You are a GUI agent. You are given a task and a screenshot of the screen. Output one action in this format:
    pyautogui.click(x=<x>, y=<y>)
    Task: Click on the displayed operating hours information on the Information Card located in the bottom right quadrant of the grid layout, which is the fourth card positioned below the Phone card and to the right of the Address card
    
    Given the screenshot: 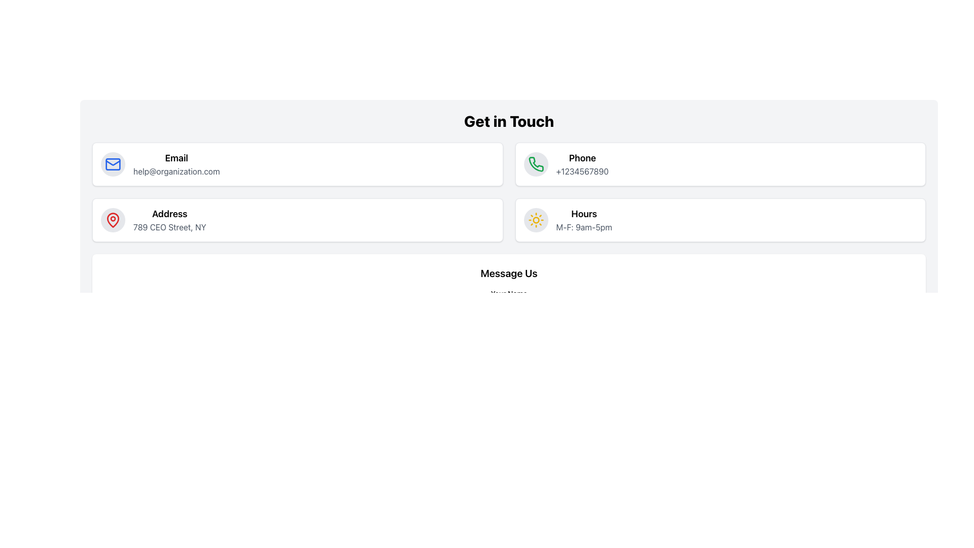 What is the action you would take?
    pyautogui.click(x=720, y=220)
    